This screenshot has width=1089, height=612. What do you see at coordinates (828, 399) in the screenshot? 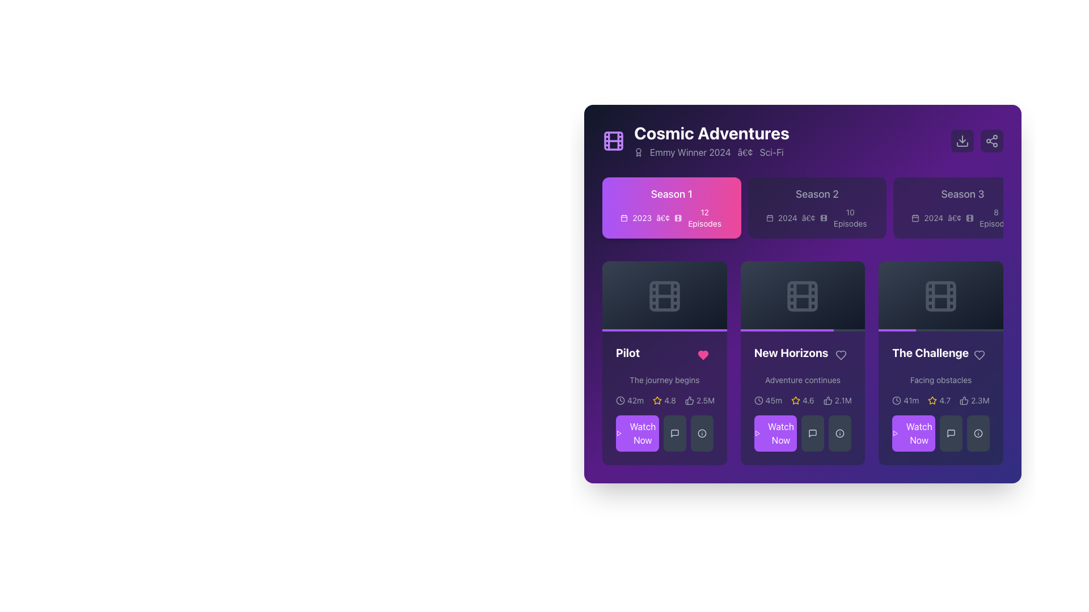
I see `the thumbs-up icon located in the lower middle section of the 'New Horizons' card, which is styled with a thin outline and is positioned to the left of the numeric text '2.1M'` at bounding box center [828, 399].